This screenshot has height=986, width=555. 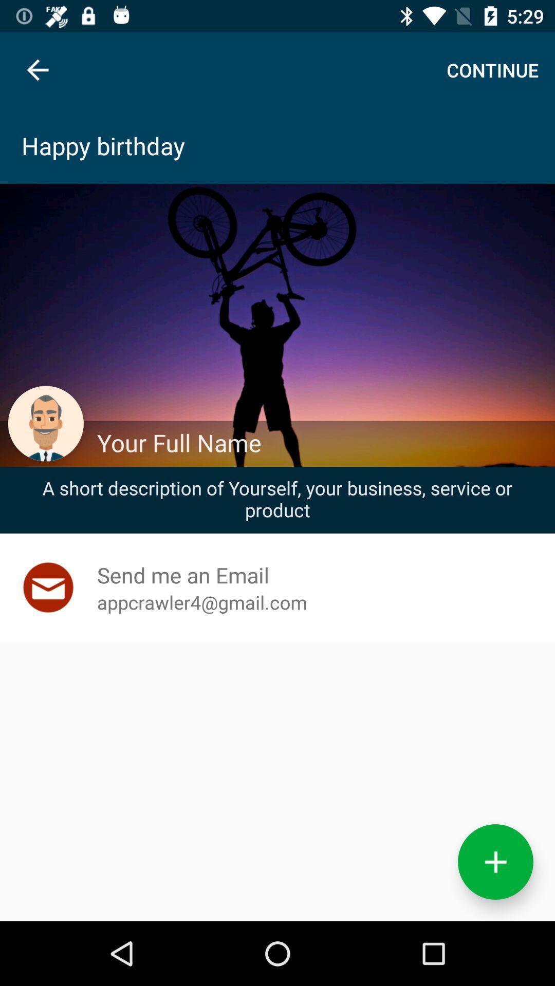 I want to click on the a short description item, so click(x=277, y=499).